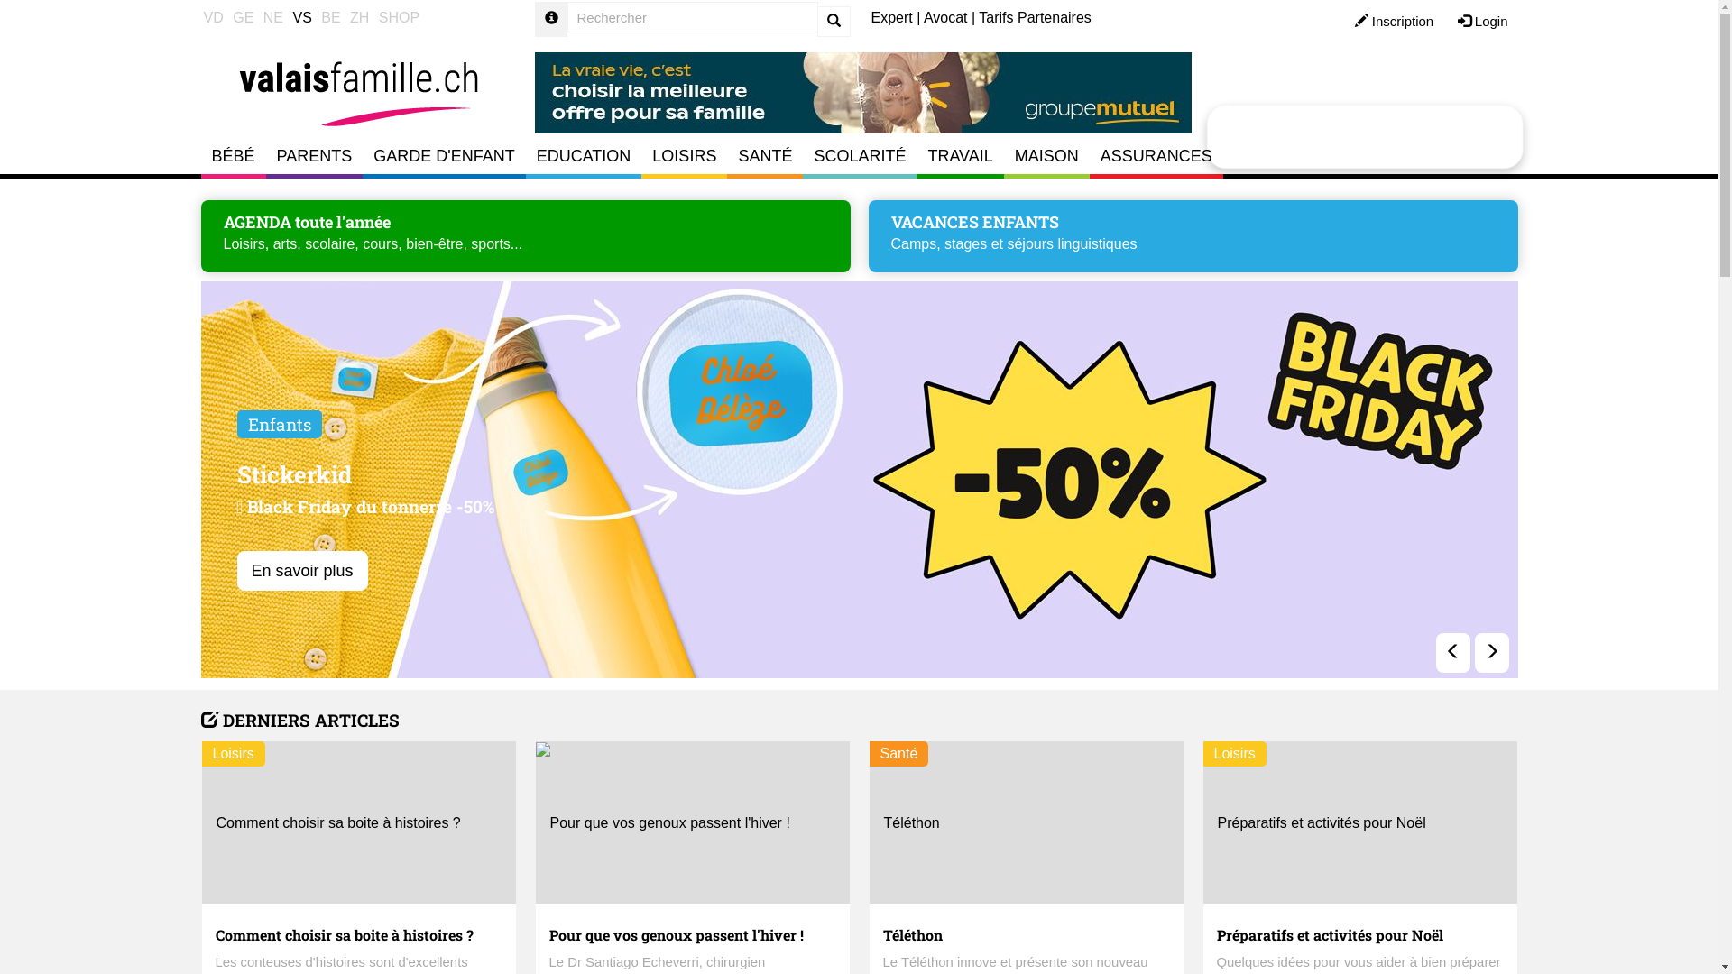 The image size is (1732, 974). What do you see at coordinates (1035, 17) in the screenshot?
I see `'Tarifs Partenaires'` at bounding box center [1035, 17].